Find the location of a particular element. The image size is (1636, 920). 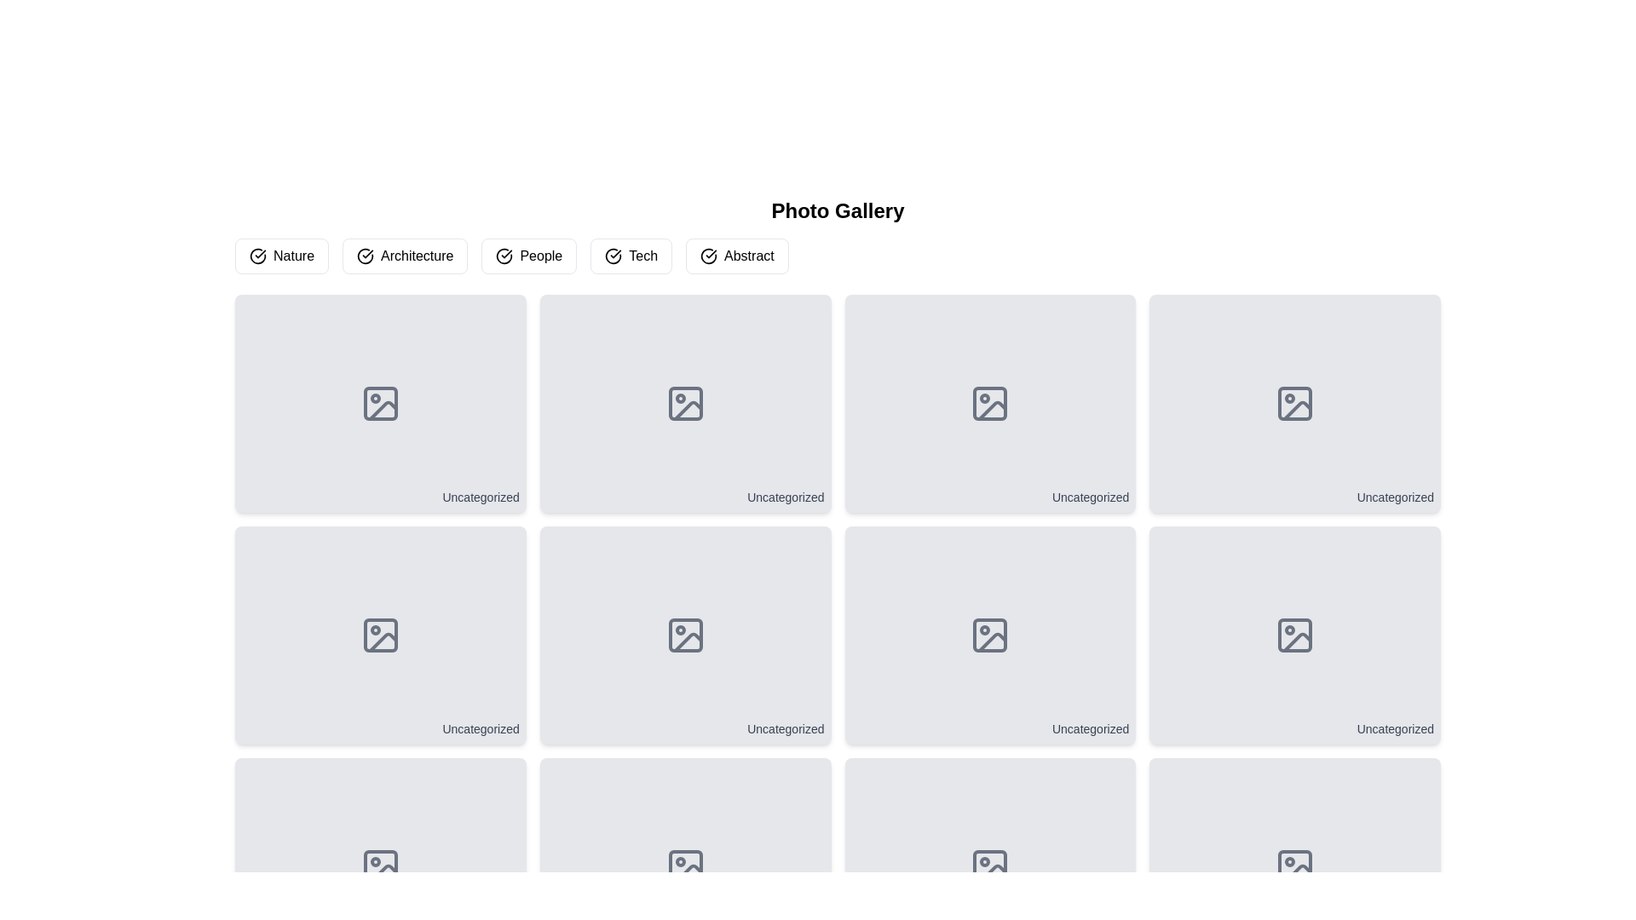

the 'Abstract' button, which is located to the far right in a row of buttons is located at coordinates (737, 256).